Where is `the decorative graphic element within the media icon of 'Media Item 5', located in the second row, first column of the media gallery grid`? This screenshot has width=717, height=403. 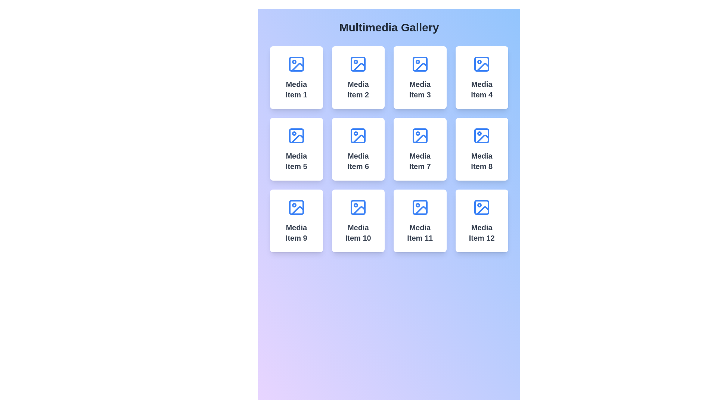 the decorative graphic element within the media icon of 'Media Item 5', located in the second row, first column of the media gallery grid is located at coordinates (297, 139).